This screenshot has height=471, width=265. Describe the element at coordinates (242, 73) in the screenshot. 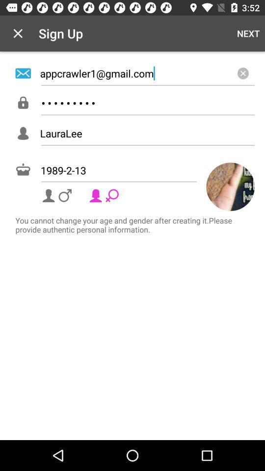

I see `the close icon which is below the next option` at that location.